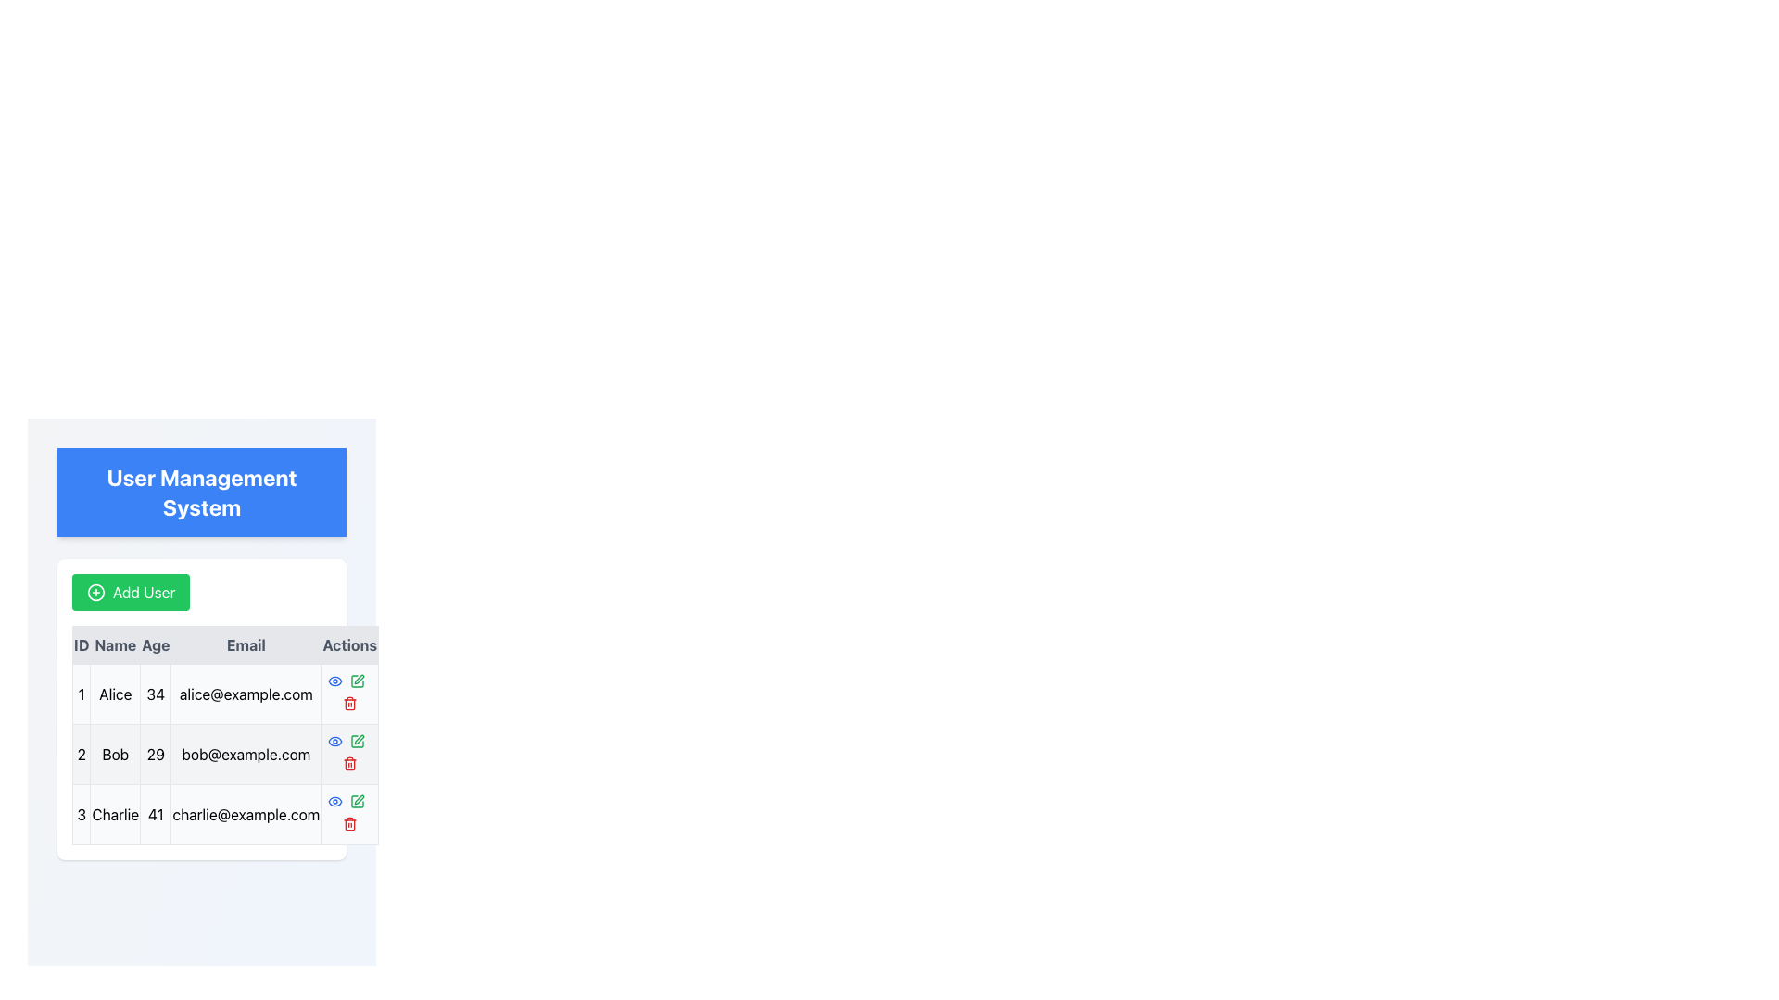 The image size is (1779, 1000). Describe the element at coordinates (114, 813) in the screenshot. I see `the non-interactive label displaying the name 'Charlie', which is located in the second column of the third row of the table` at that location.